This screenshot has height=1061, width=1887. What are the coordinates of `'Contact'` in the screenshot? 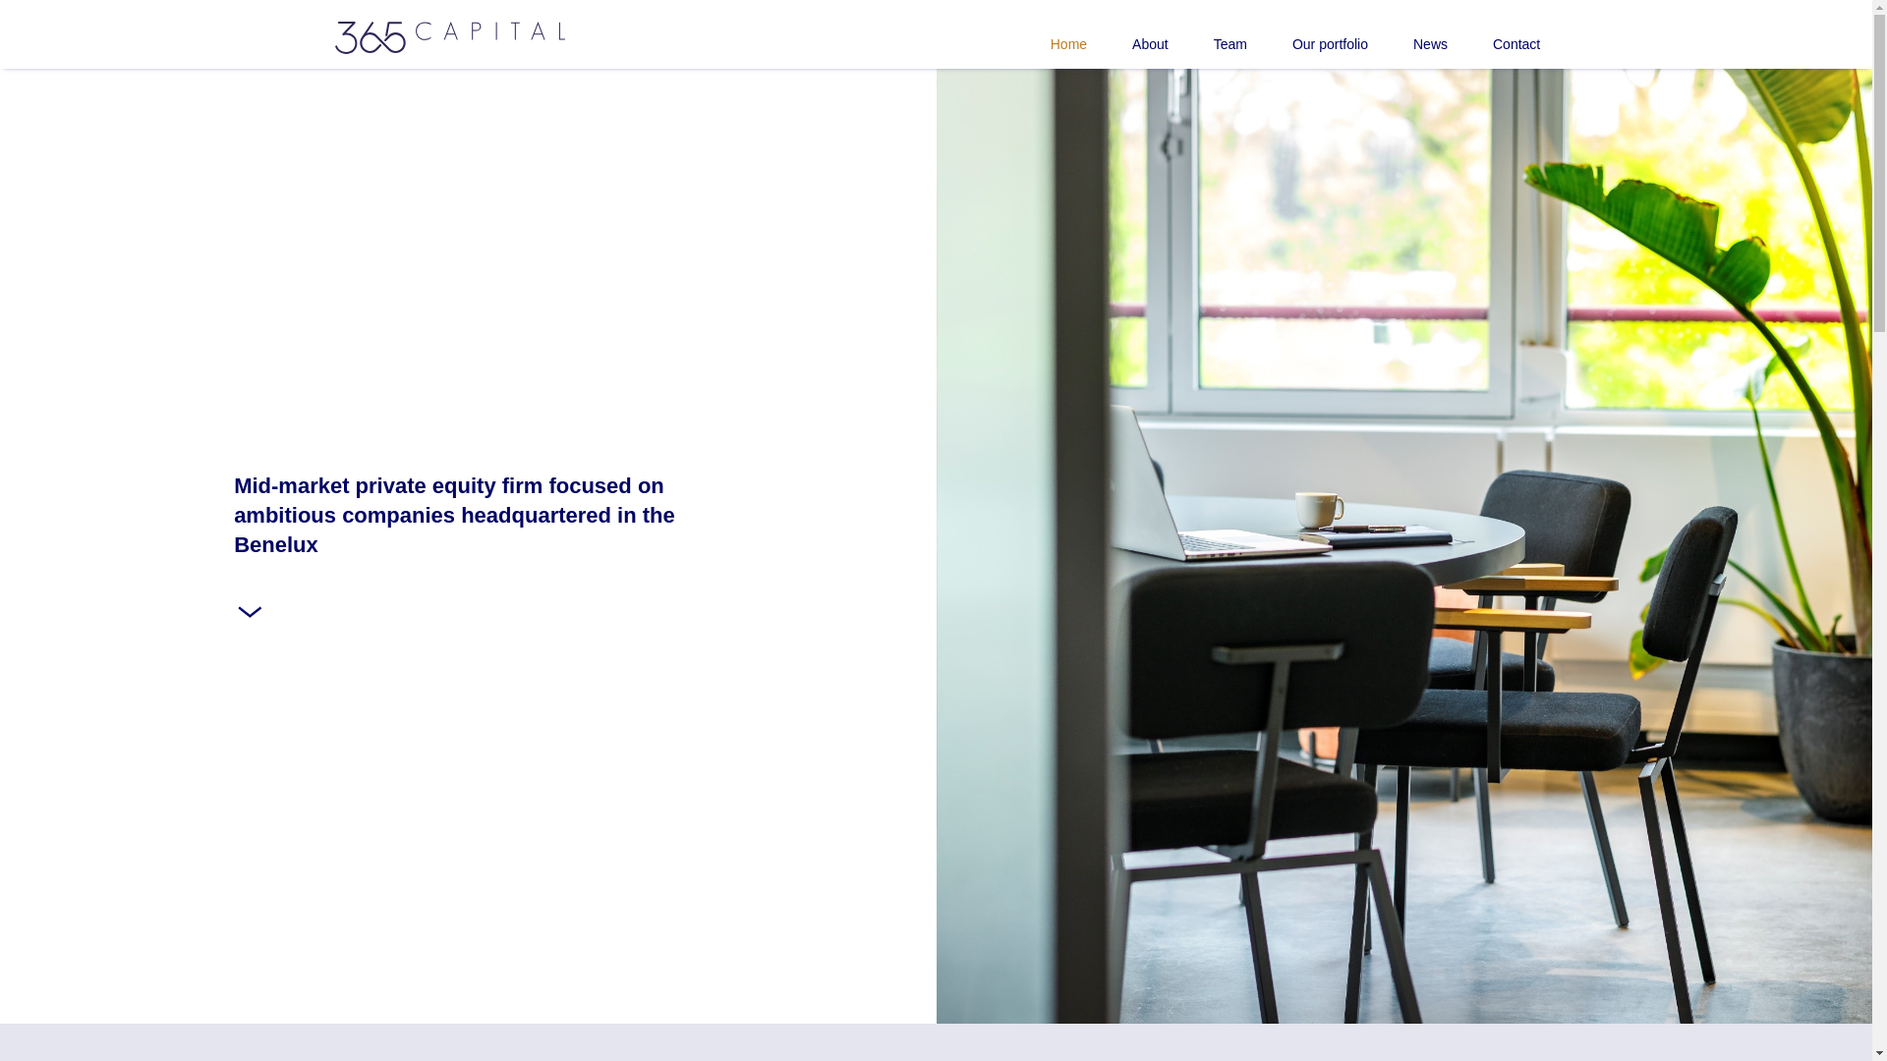 It's located at (1448, 33).